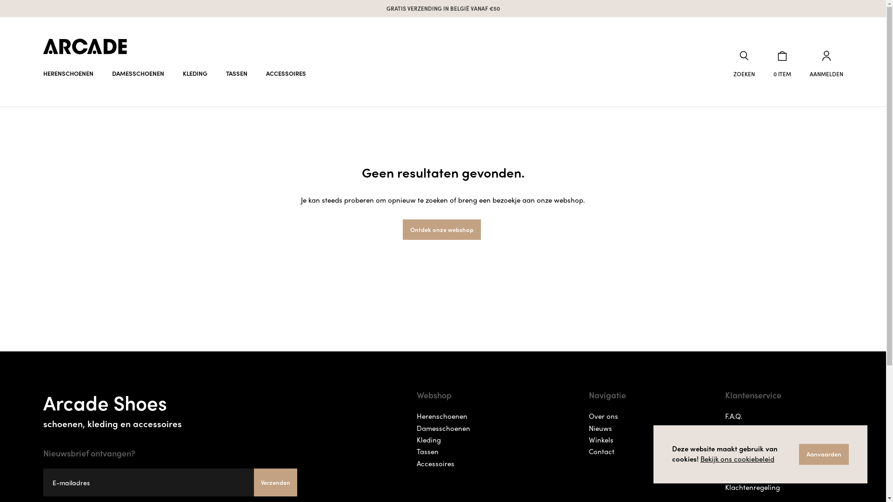 The image size is (893, 502). I want to click on 'Retours', so click(737, 475).